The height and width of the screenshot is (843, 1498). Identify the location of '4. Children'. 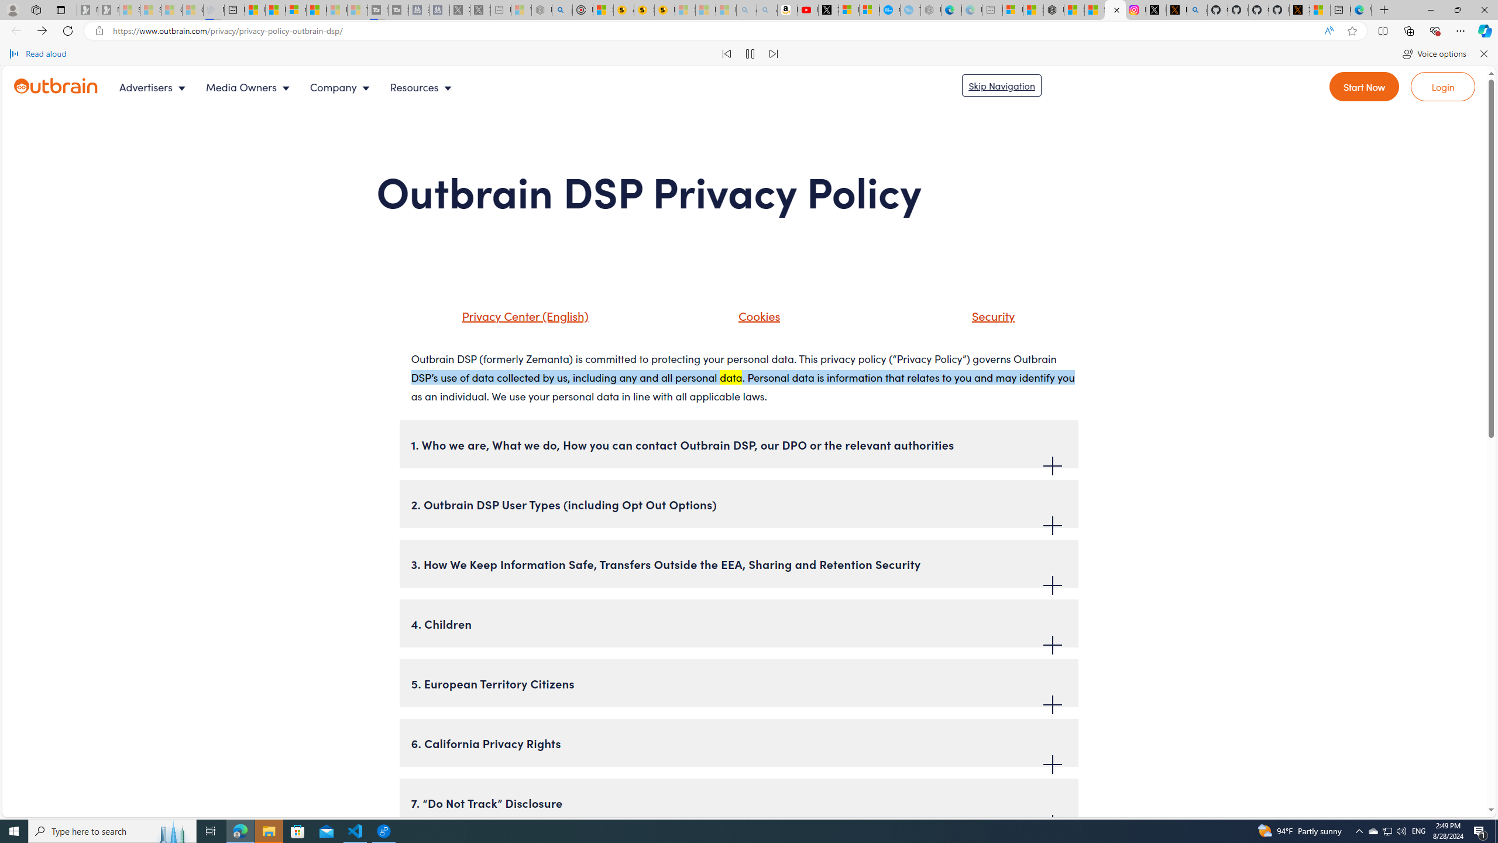
(738, 623).